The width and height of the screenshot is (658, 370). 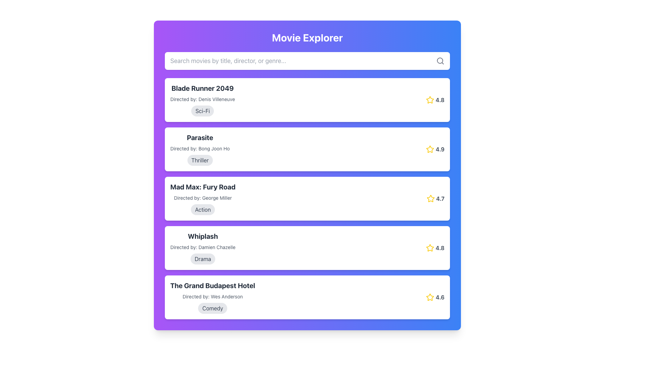 I want to click on the star-shaped icon with a yellow outline located next to the rating '4.7' for the movie 'Mad Max: Fury Road', so click(x=430, y=198).